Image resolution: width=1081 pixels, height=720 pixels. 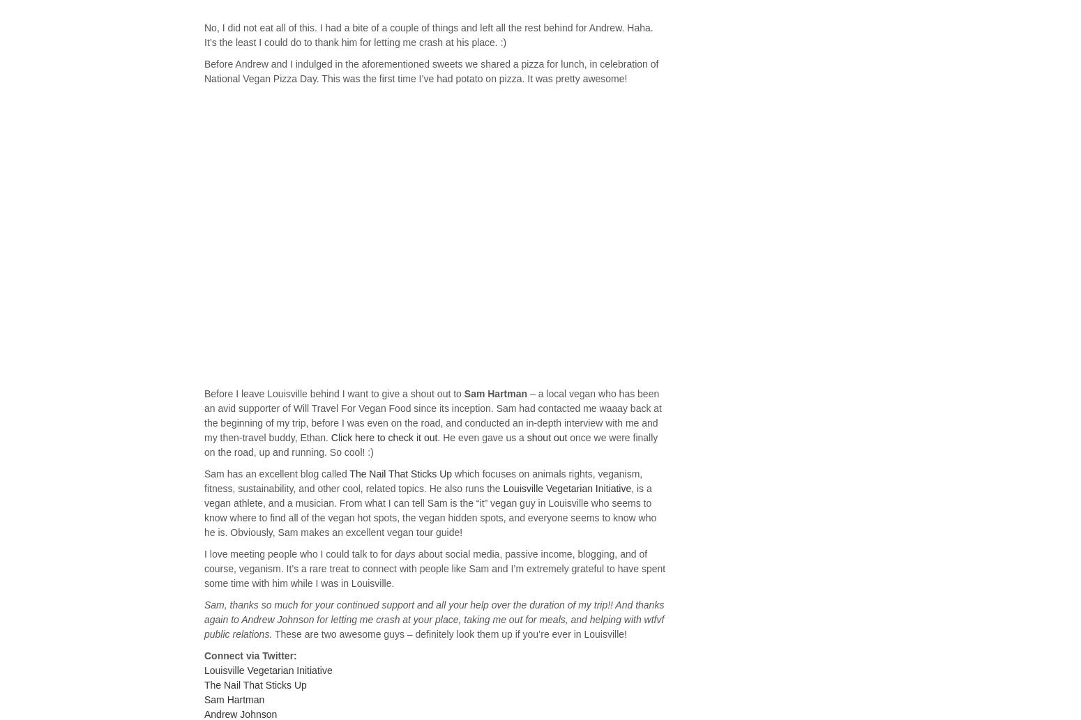 What do you see at coordinates (432, 415) in the screenshot?
I see `'– a local vegan who has been an avid supporter of Will Travel For Vegan Food since its inception. Sam had contacted me waaay back at the beginning of my trip, before I was even on the road, and conducted an in-depth interview with me and my then-travel buddy, Ethan.'` at bounding box center [432, 415].